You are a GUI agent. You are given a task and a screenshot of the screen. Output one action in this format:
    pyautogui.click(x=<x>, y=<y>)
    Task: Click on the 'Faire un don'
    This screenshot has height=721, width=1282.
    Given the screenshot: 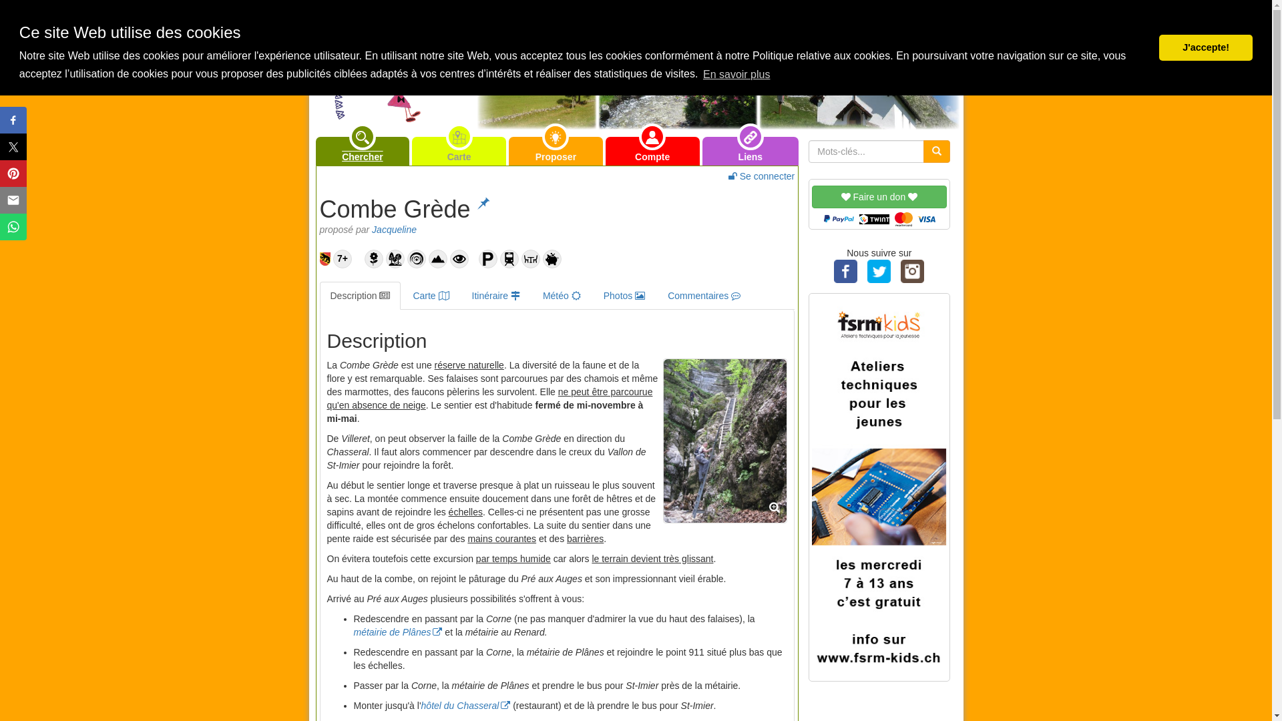 What is the action you would take?
    pyautogui.click(x=879, y=196)
    